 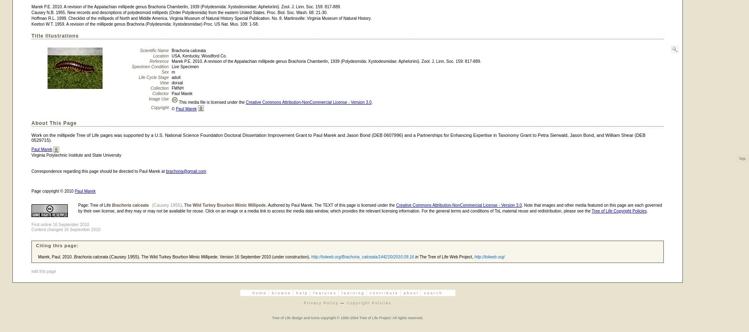 I want to click on 'm', so click(x=173, y=71).